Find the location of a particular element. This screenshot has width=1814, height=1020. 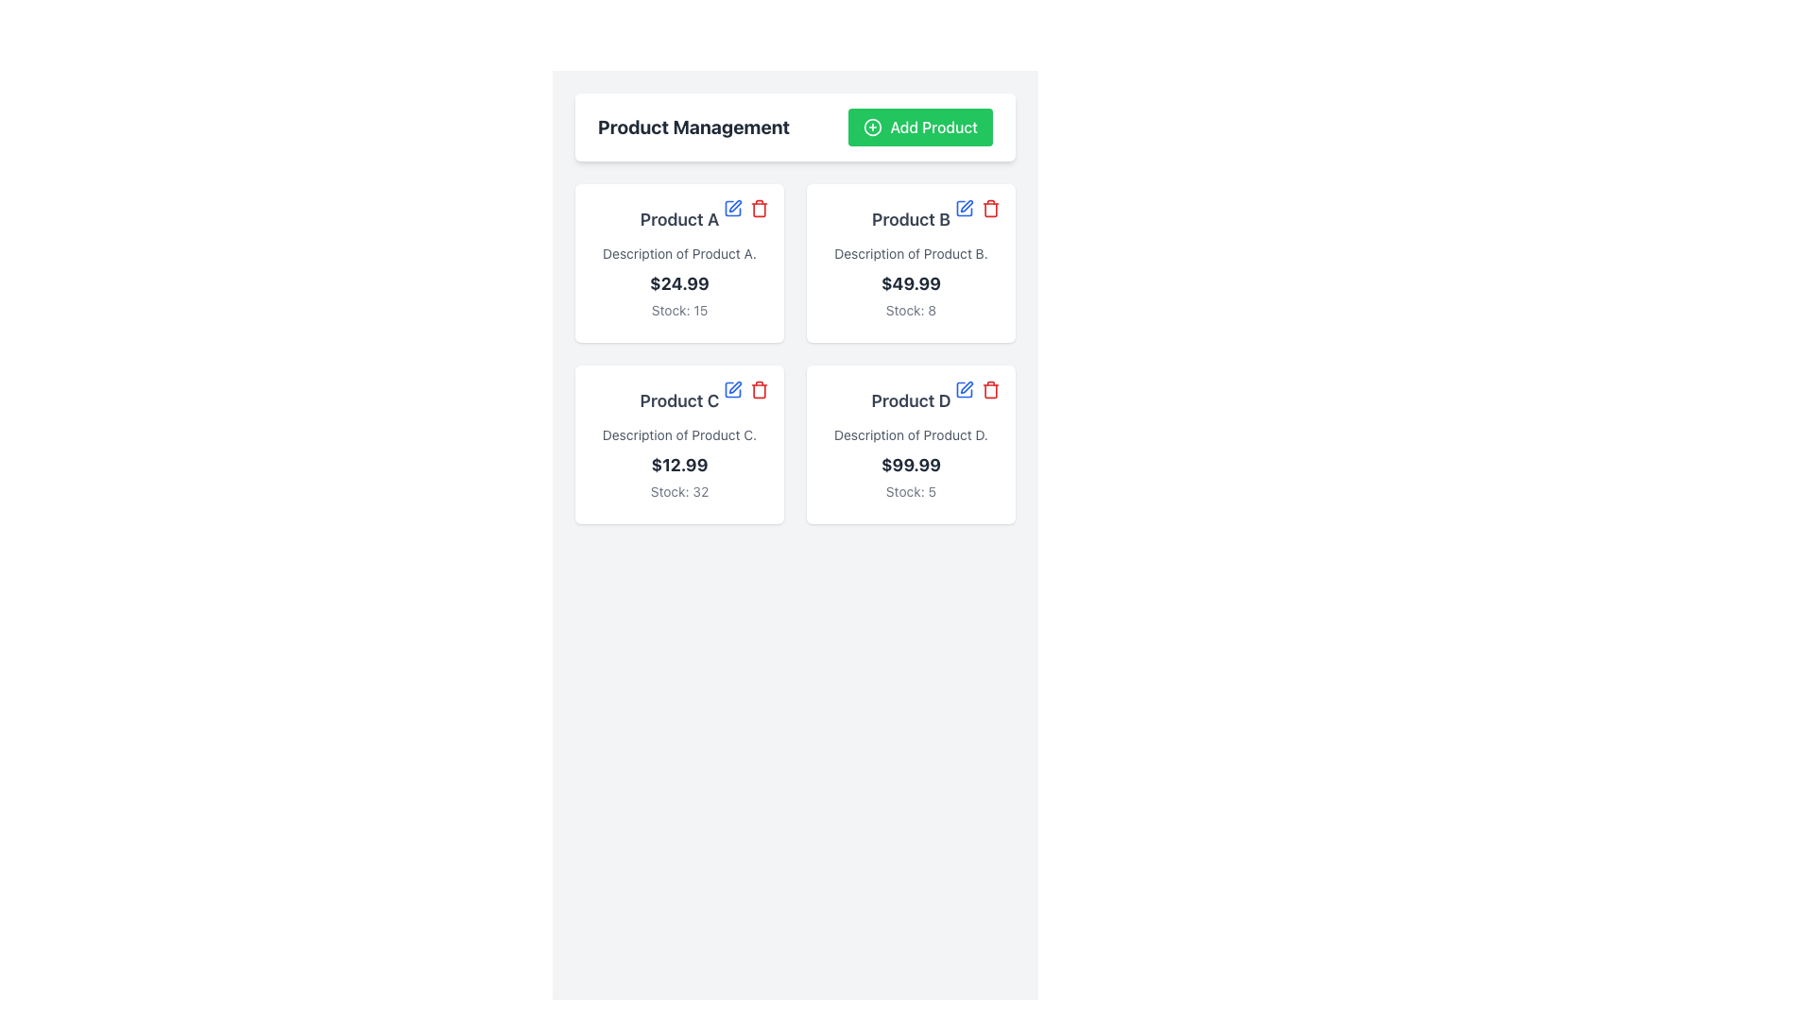

the delete button for 'Product C', which is the third action button in the top-right corner of its product card is located at coordinates (760, 388).